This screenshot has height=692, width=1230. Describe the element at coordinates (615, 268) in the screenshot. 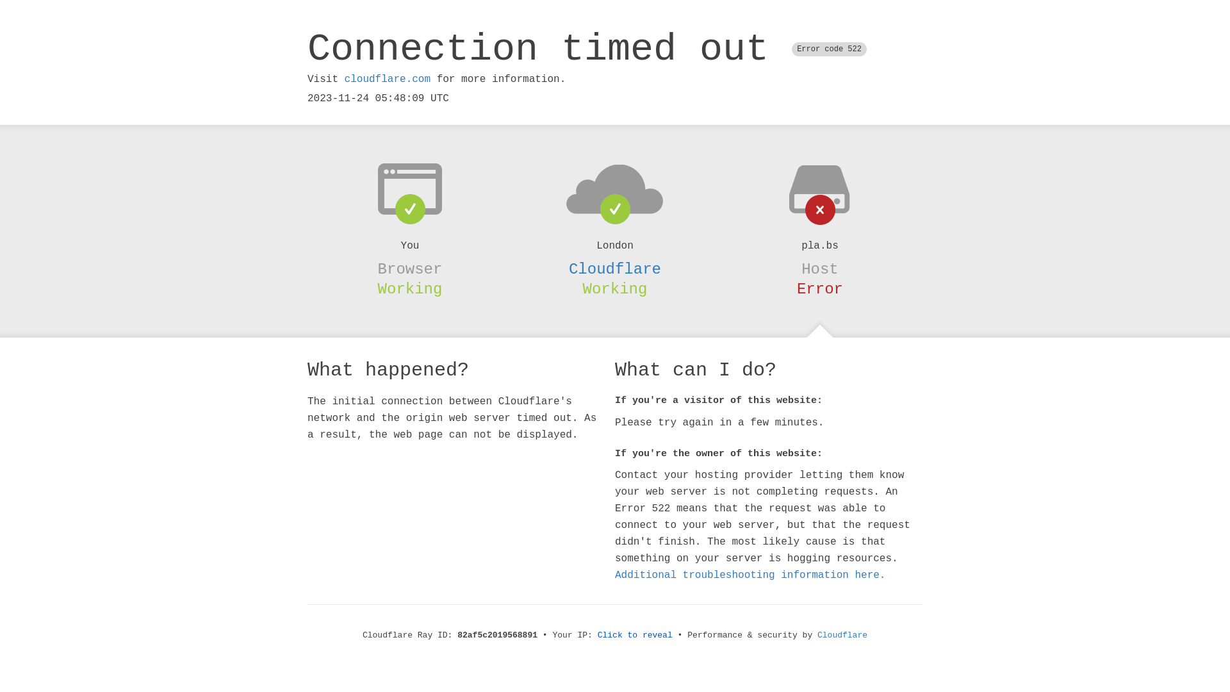

I see `'Cloudflare'` at that location.